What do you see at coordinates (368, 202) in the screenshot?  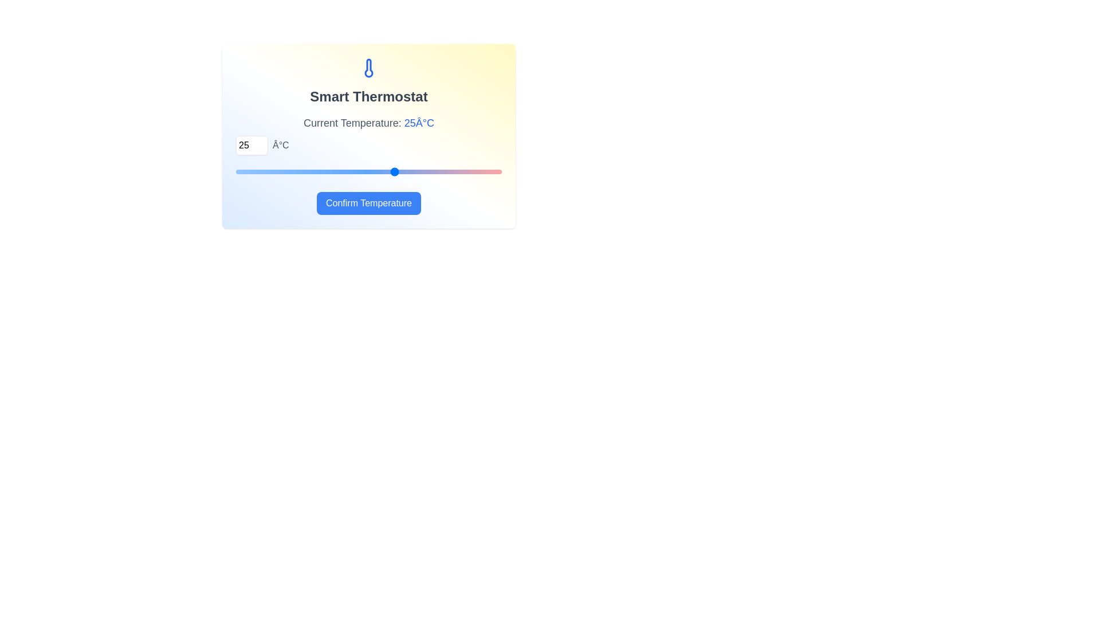 I see `the 'Confirm Temperature' button to confirm the set temperature` at bounding box center [368, 202].